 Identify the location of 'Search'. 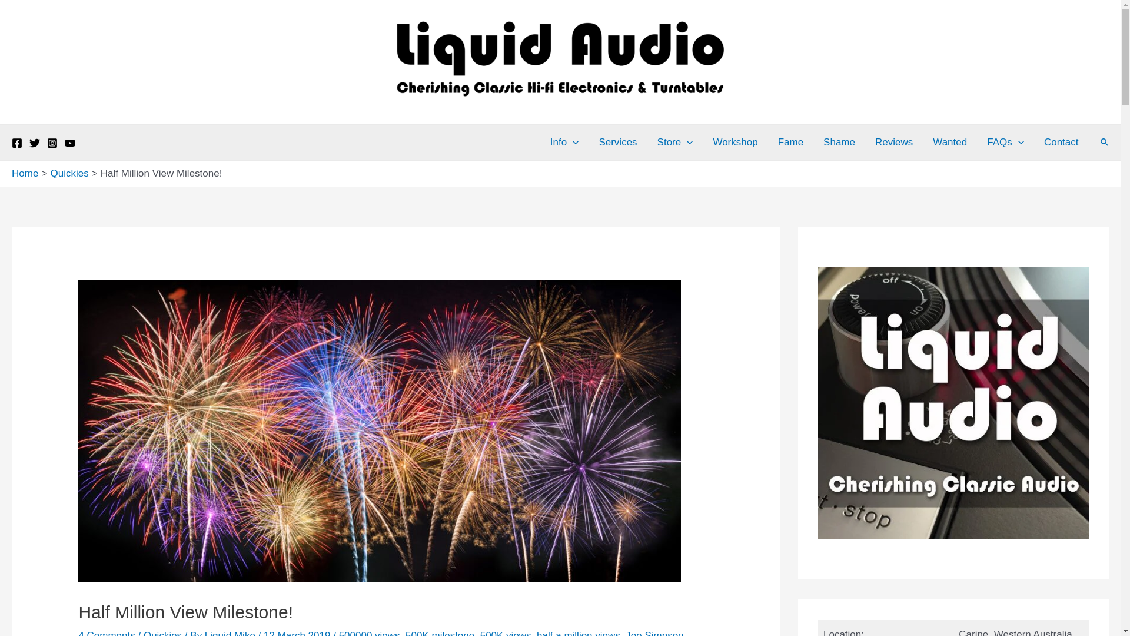
(1104, 141).